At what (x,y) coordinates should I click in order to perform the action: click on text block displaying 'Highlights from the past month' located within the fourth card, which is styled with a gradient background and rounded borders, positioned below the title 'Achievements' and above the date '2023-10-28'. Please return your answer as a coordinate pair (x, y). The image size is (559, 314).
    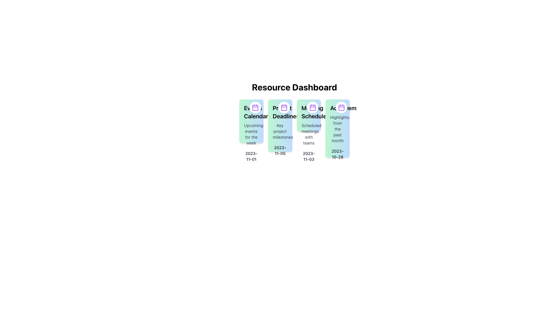
    Looking at the image, I should click on (337, 129).